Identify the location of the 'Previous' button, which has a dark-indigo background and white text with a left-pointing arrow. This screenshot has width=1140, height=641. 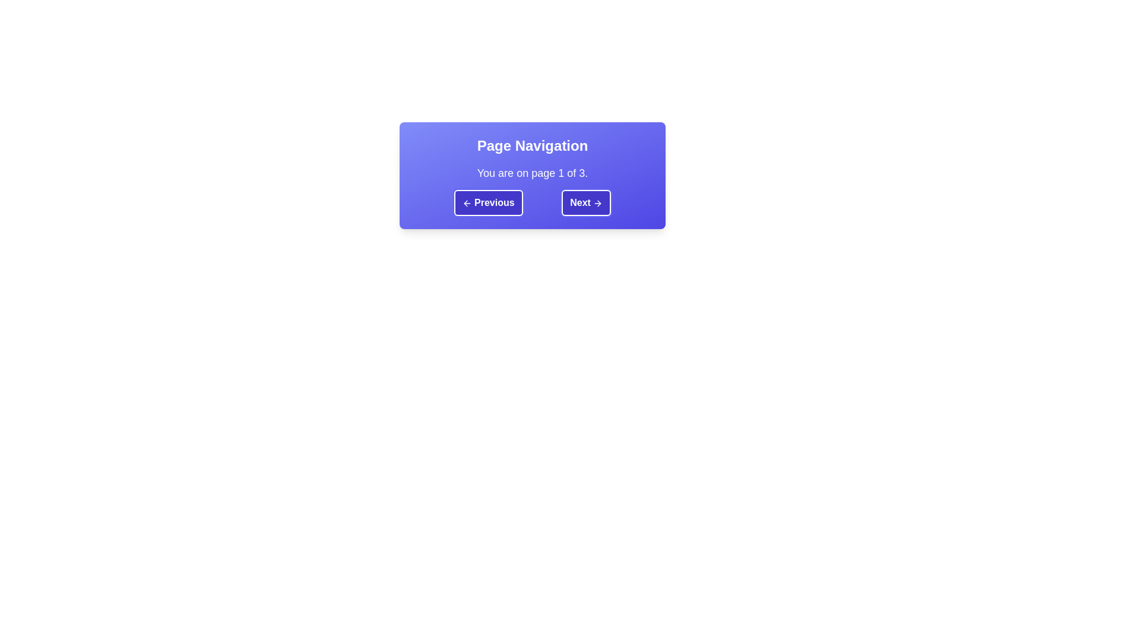
(488, 202).